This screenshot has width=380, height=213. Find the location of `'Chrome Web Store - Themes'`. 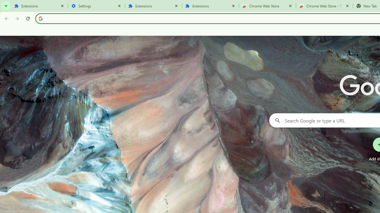

'Chrome Web Store - Themes' is located at coordinates (324, 6).